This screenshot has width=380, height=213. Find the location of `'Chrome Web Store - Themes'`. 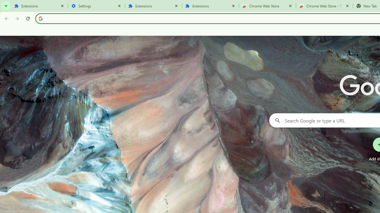

'Chrome Web Store - Themes' is located at coordinates (324, 6).